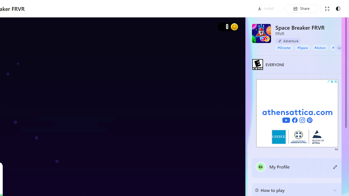 The image size is (349, 196). I want to click on '""', so click(260, 167).